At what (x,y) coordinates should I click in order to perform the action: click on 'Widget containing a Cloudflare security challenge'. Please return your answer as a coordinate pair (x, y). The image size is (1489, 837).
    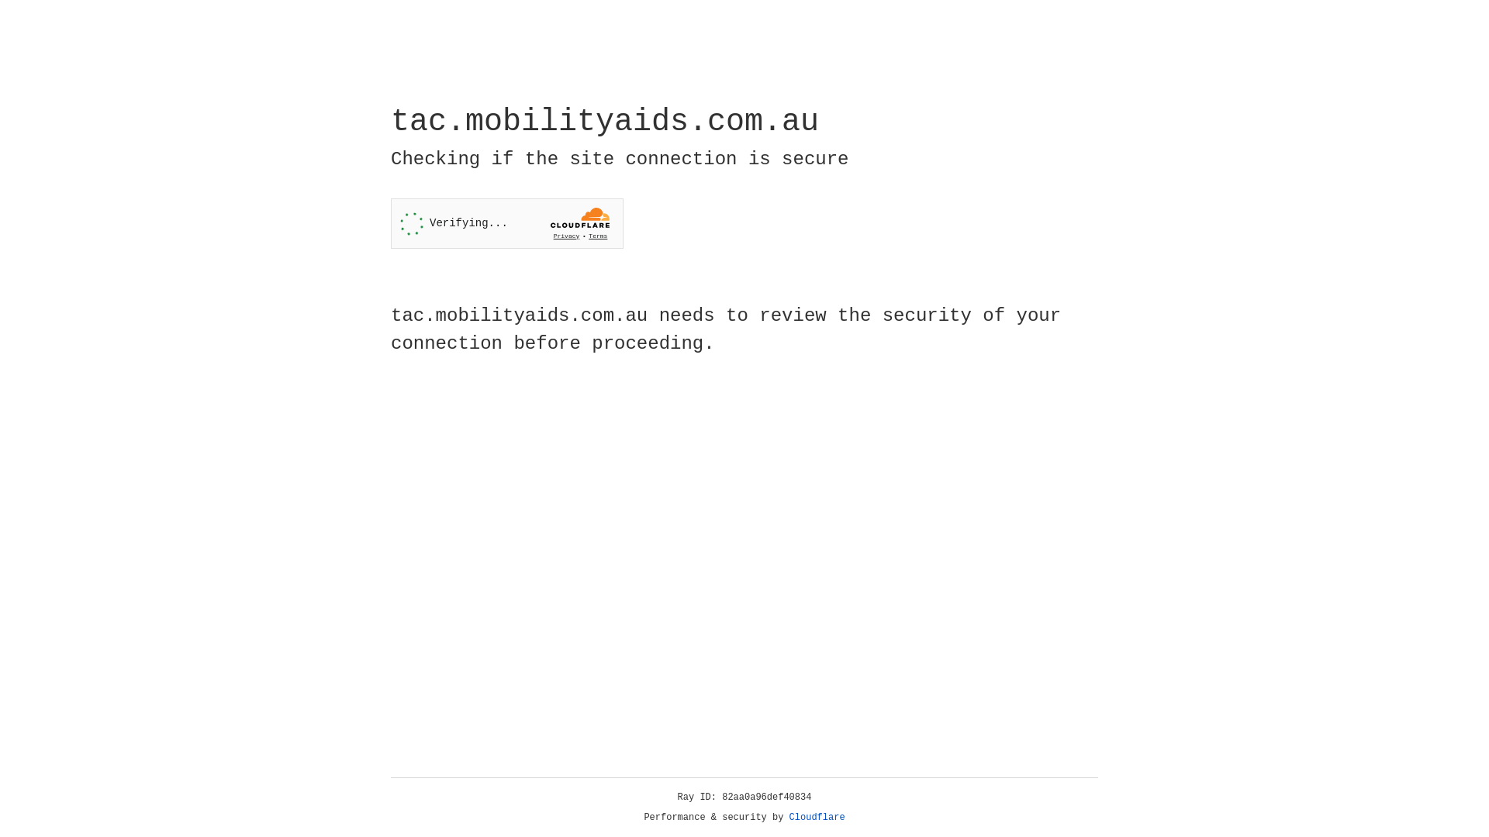
    Looking at the image, I should click on (506, 223).